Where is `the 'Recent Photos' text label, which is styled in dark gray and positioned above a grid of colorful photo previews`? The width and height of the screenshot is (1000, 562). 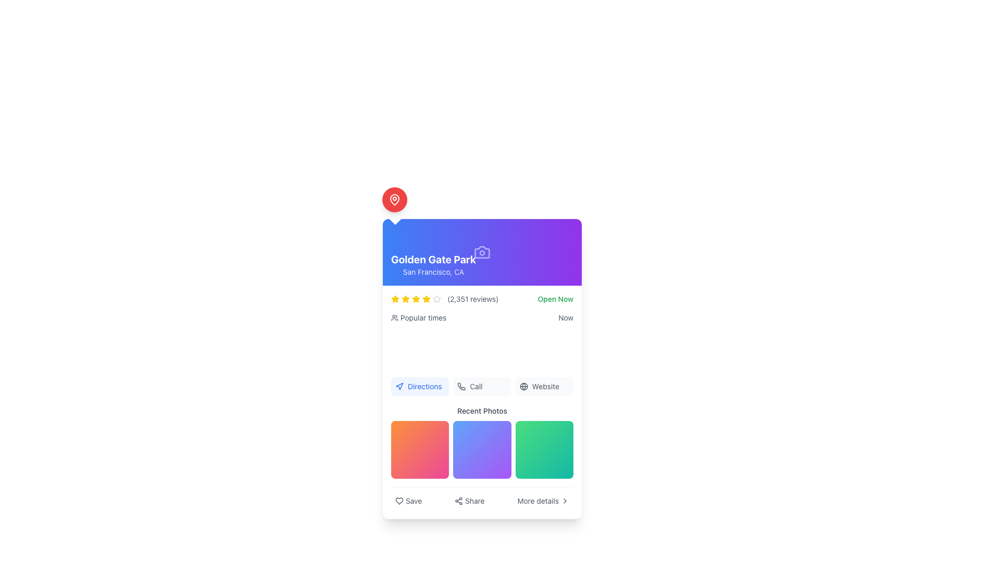
the 'Recent Photos' text label, which is styled in dark gray and positioned above a grid of colorful photo previews is located at coordinates (482, 410).